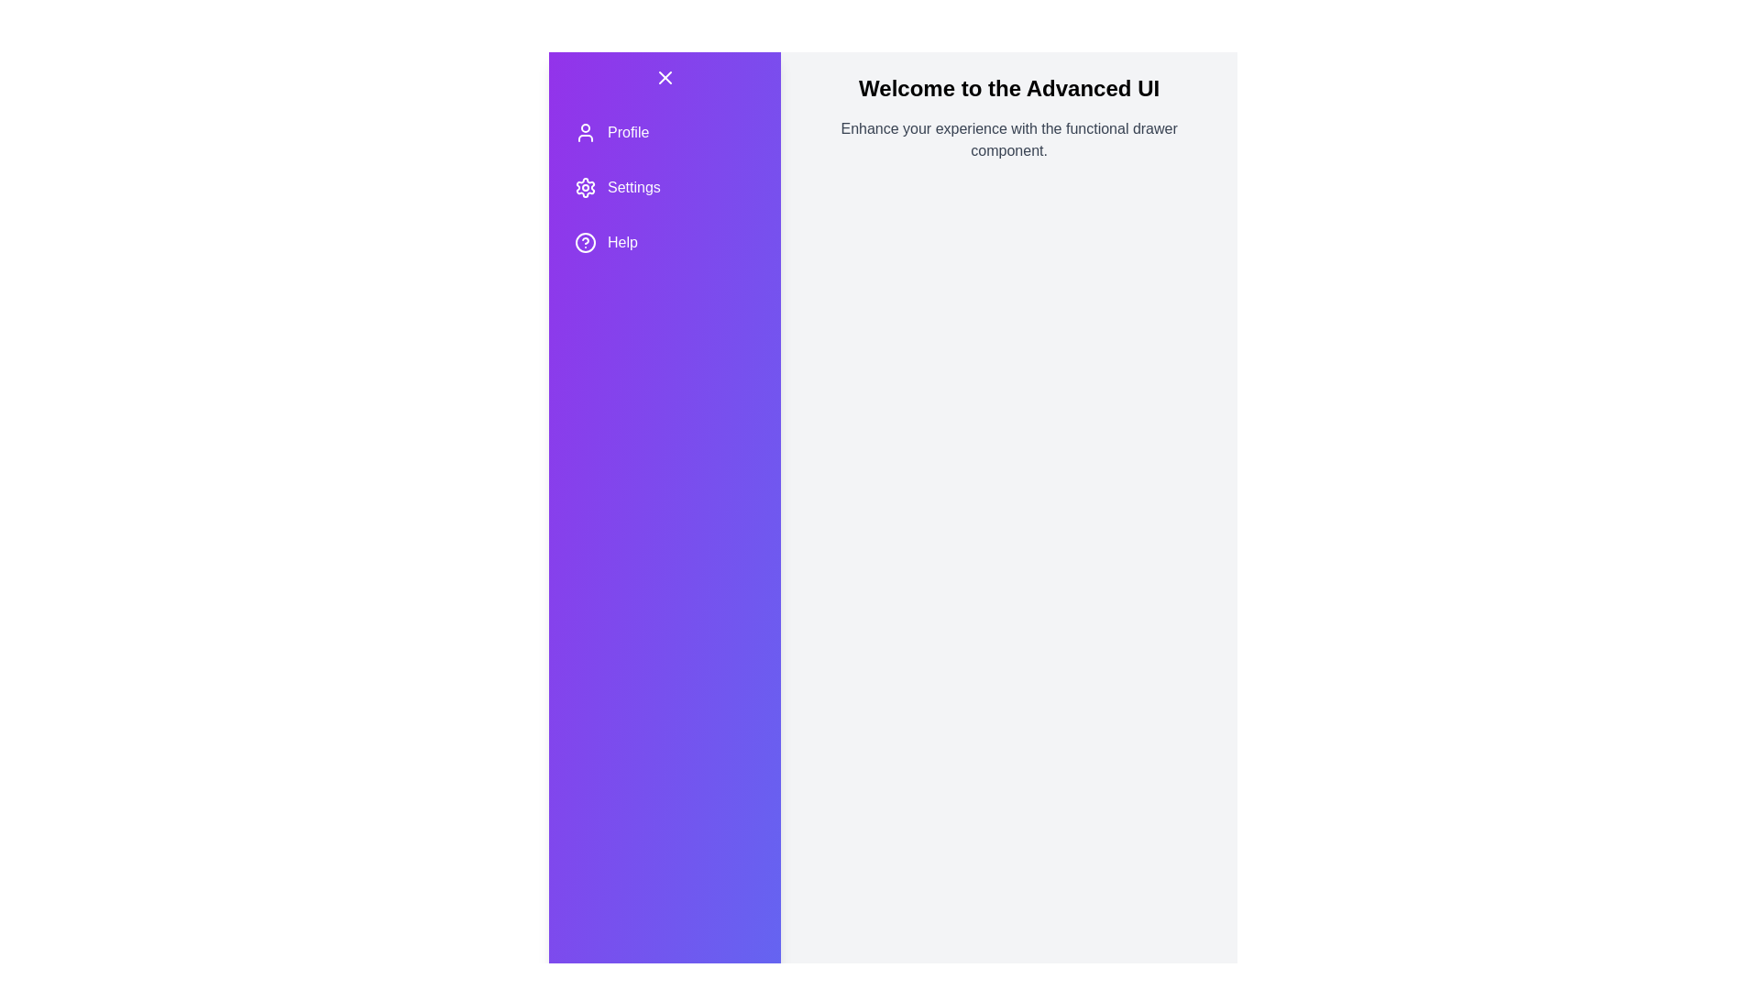 The image size is (1760, 990). What do you see at coordinates (664, 242) in the screenshot?
I see `the menu item Help to change its appearance` at bounding box center [664, 242].